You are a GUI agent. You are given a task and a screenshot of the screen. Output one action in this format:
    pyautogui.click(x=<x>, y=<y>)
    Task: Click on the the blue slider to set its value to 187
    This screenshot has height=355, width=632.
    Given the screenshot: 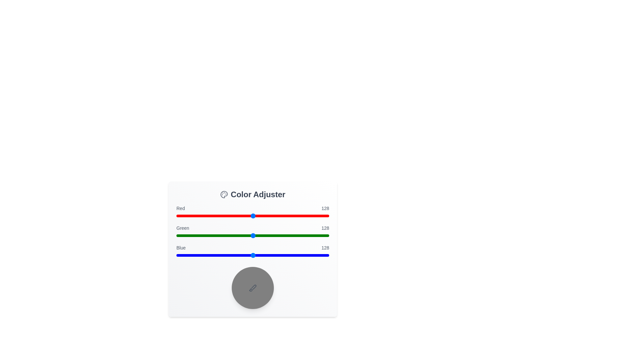 What is the action you would take?
    pyautogui.click(x=288, y=255)
    